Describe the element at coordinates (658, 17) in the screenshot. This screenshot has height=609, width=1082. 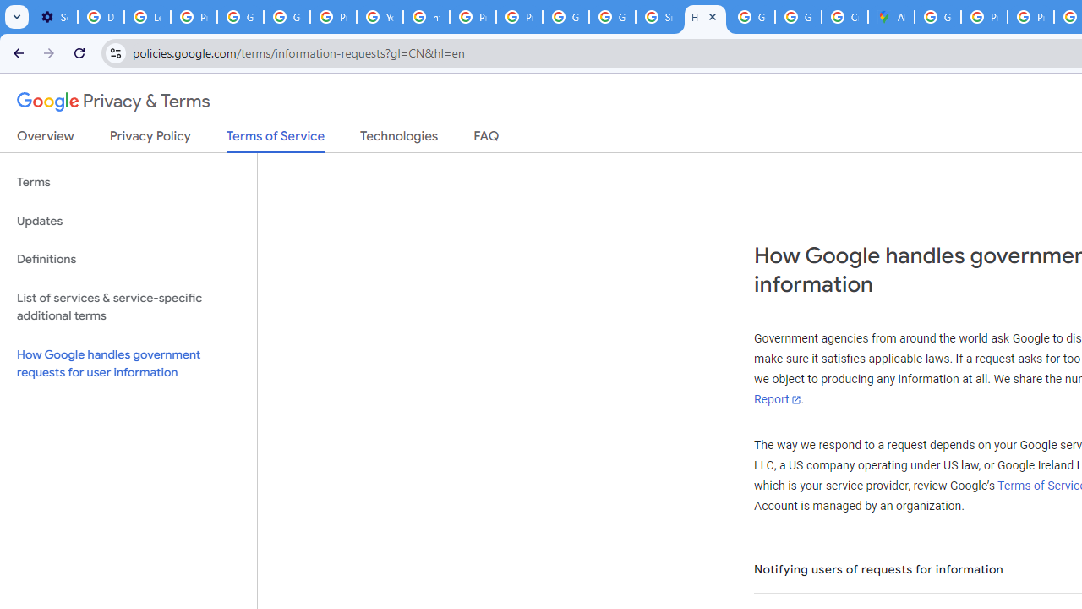
I see `'Sign in - Google Accounts'` at that location.